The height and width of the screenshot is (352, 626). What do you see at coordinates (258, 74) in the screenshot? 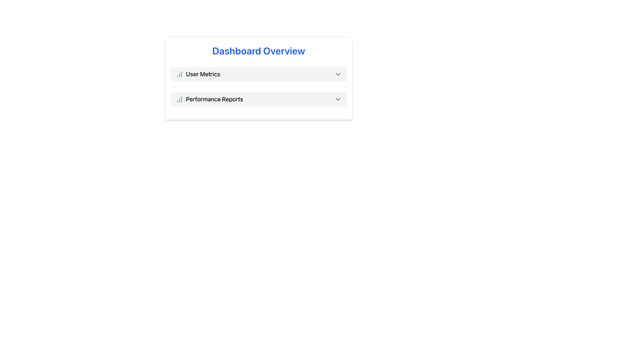
I see `the first button in the vertical list of options under 'Dashboard Overview'` at bounding box center [258, 74].